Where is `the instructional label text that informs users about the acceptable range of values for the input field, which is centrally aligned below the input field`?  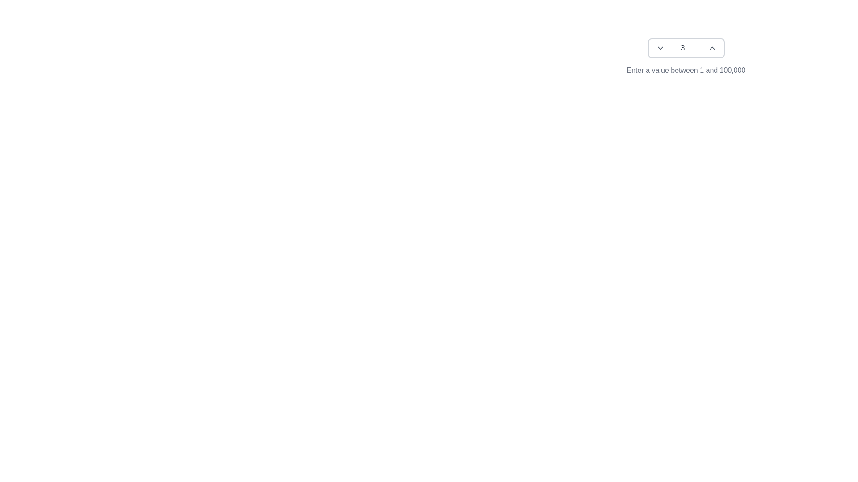
the instructional label text that informs users about the acceptable range of values for the input field, which is centrally aligned below the input field is located at coordinates (686, 70).